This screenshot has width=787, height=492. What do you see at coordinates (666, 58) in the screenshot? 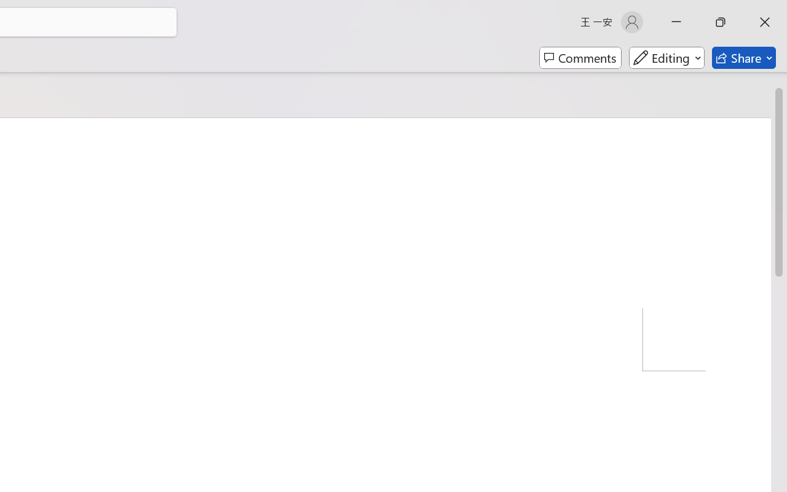
I see `'Mode'` at bounding box center [666, 58].